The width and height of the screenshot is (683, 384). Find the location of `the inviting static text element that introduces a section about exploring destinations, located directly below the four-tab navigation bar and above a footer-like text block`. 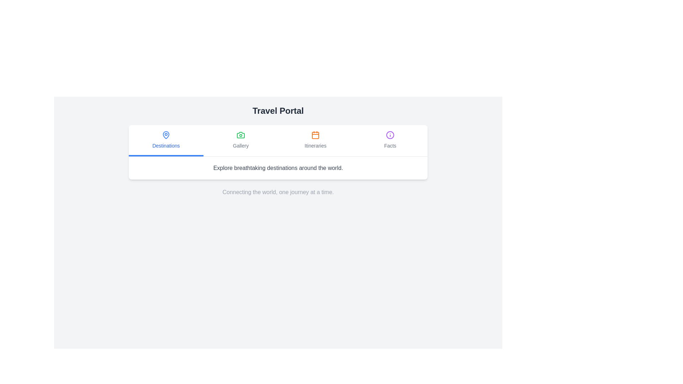

the inviting static text element that introduces a section about exploring destinations, located directly below the four-tab navigation bar and above a footer-like text block is located at coordinates (278, 168).